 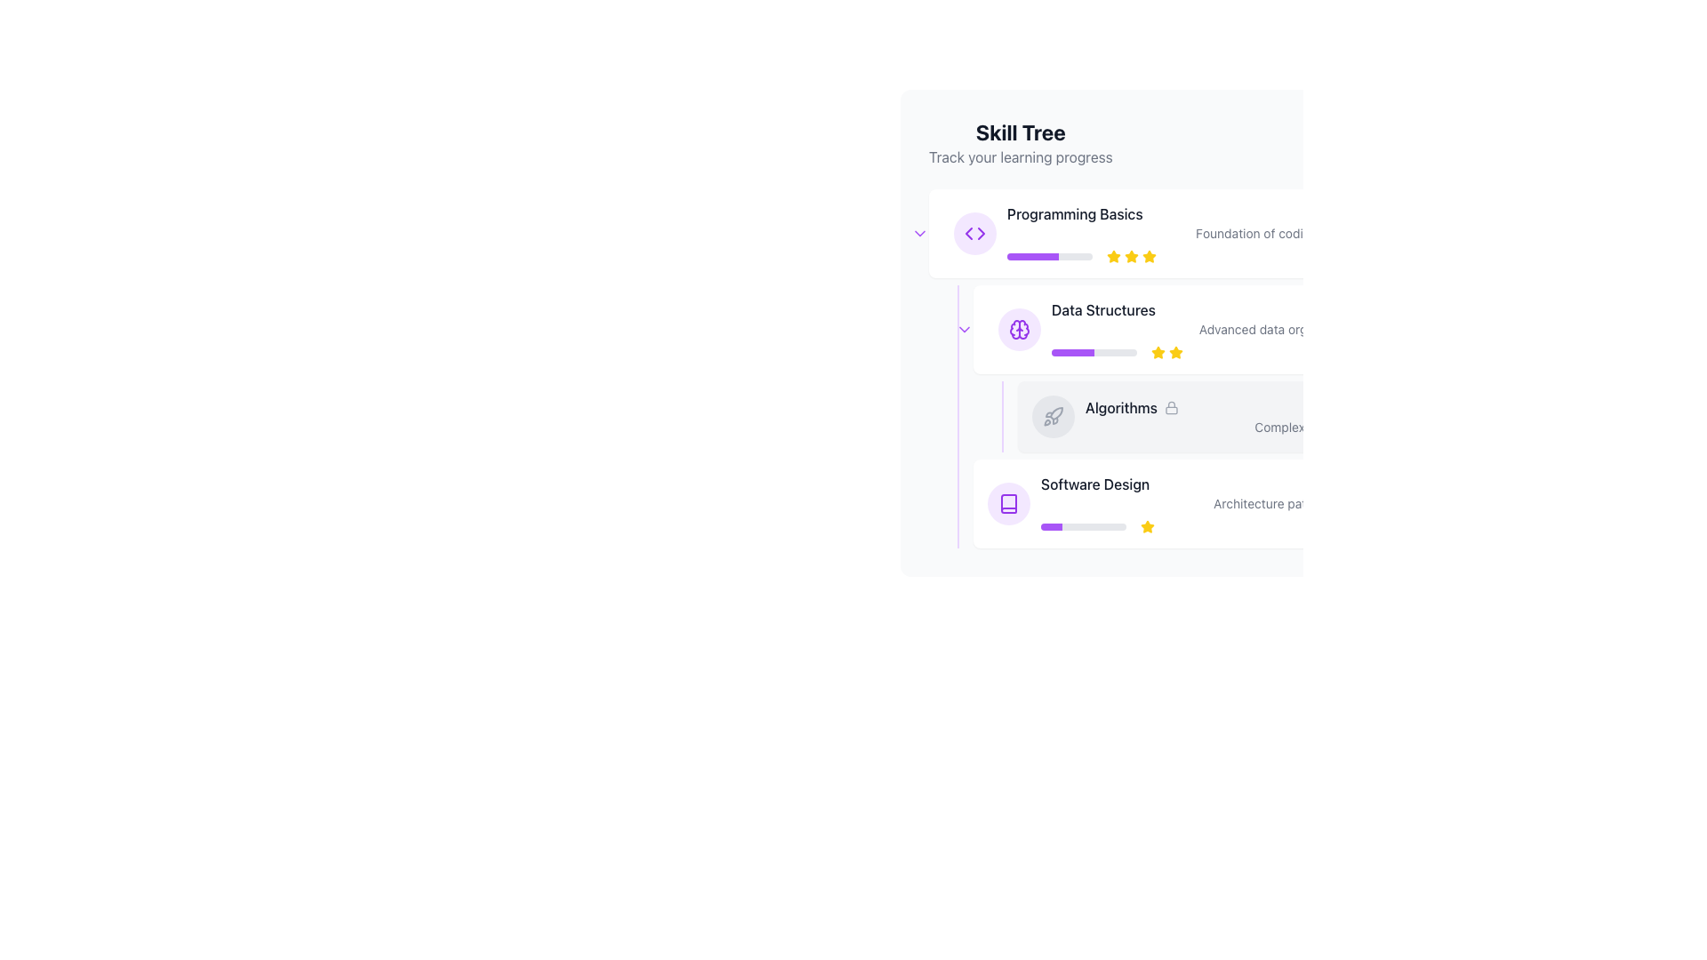 What do you see at coordinates (1158, 353) in the screenshot?
I see `the first star-shaped icon with a yellow fill and dark outline, located in the 'Data Structures' section` at bounding box center [1158, 353].